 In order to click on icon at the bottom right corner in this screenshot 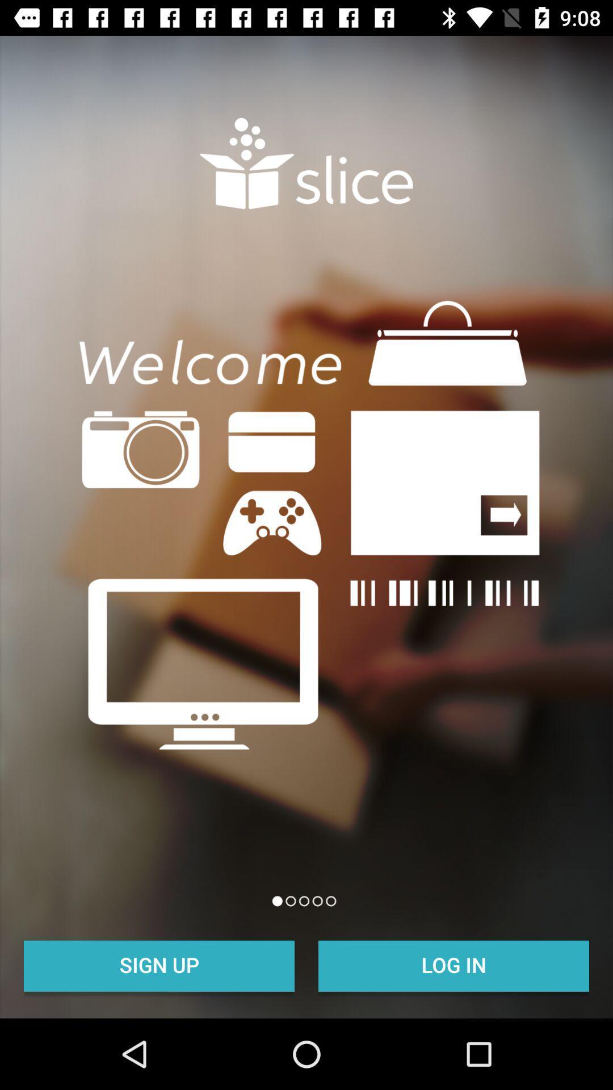, I will do `click(453, 964)`.